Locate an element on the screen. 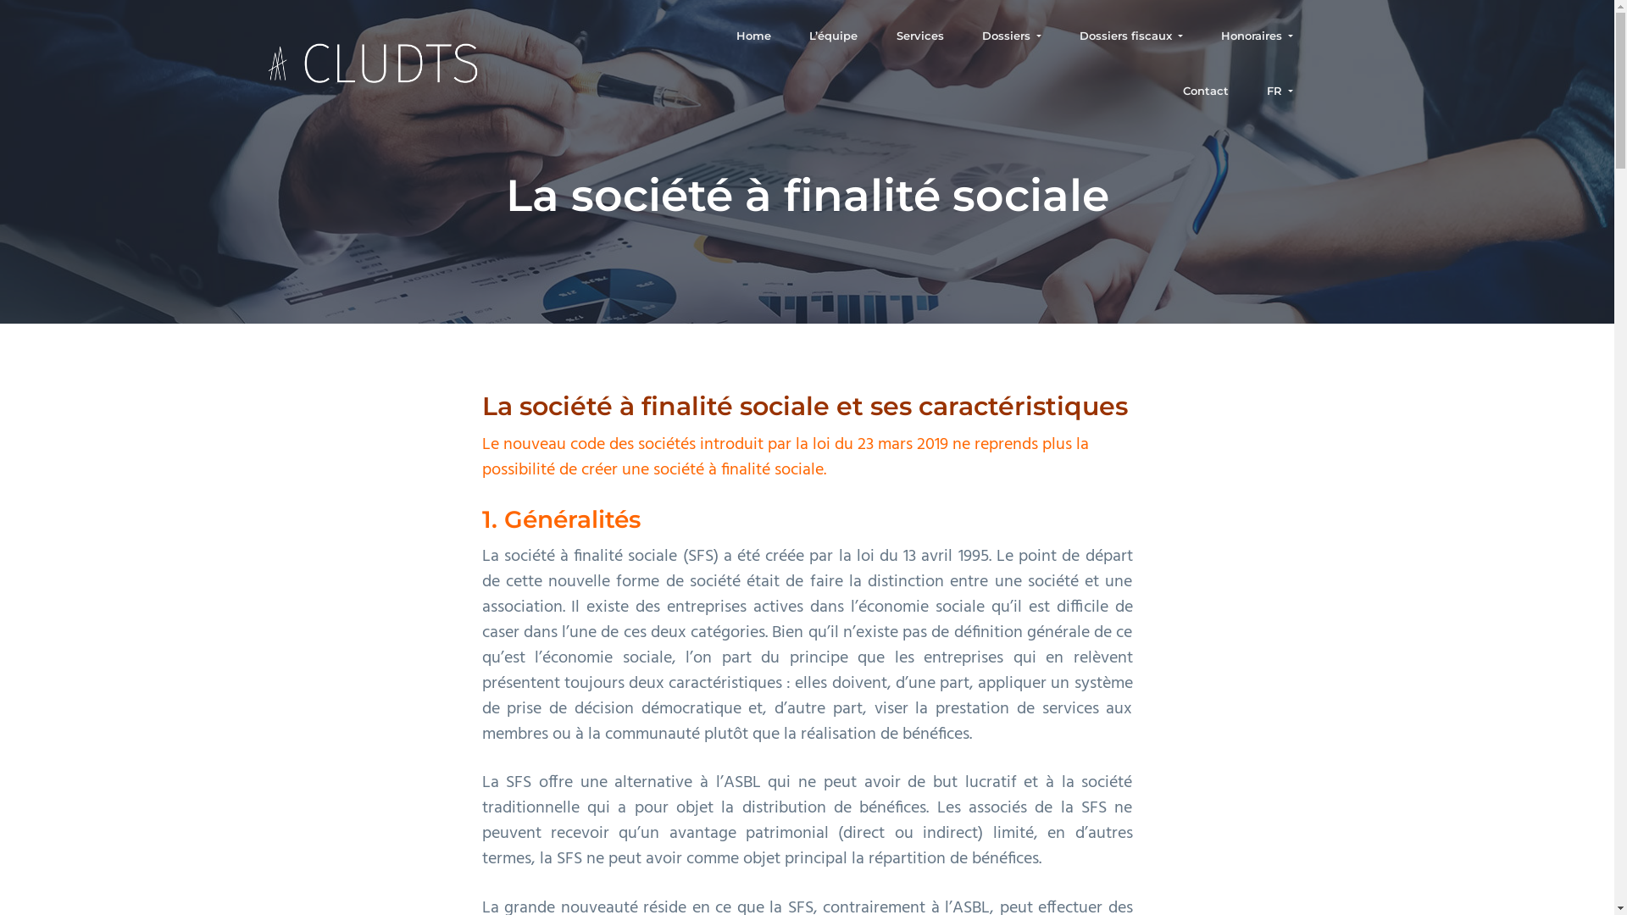  'Dossiers fiscaux' is located at coordinates (1130, 36).